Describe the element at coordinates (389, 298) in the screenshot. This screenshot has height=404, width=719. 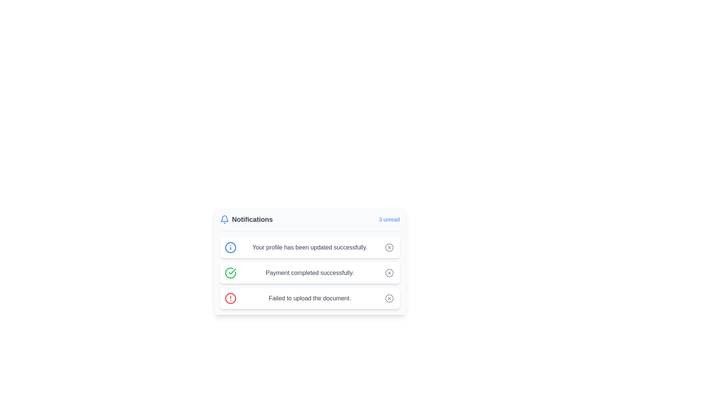
I see `the icon representing the action to remove or clear an item, which is a circle with an 'X' inside, located on the far right of the notification labeled 'Failed to upload the document.'` at that location.